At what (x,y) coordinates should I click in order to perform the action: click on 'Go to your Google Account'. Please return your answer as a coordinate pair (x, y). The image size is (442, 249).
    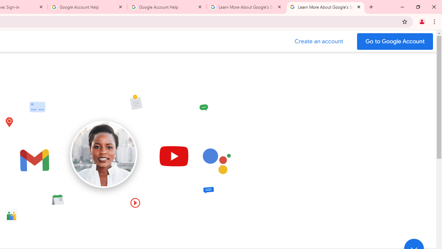
    Looking at the image, I should click on (395, 41).